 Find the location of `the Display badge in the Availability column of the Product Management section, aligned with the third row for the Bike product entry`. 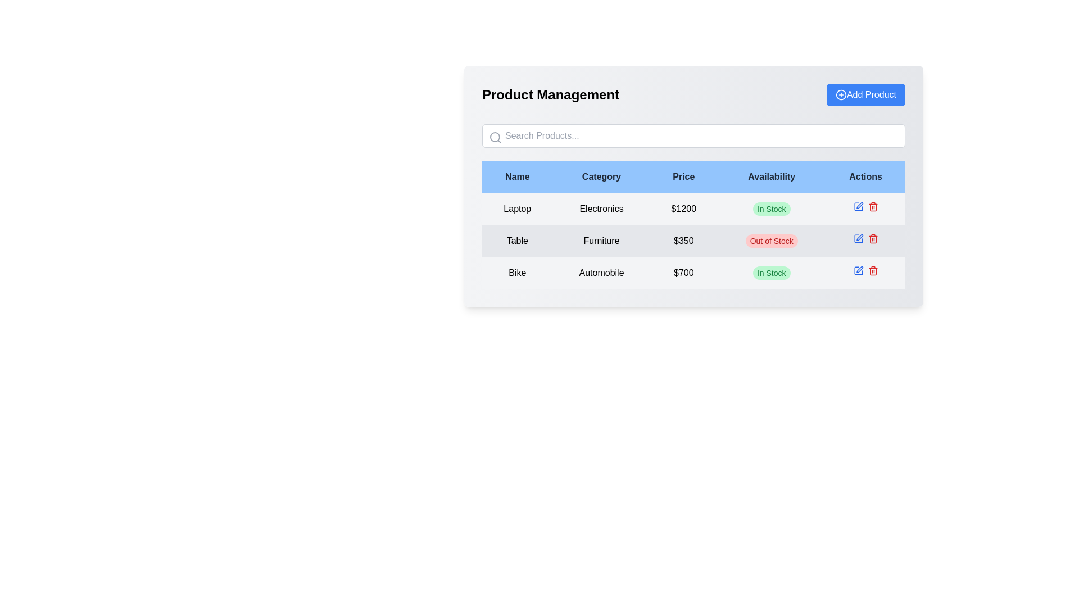

the Display badge in the Availability column of the Product Management section, aligned with the third row for the Bike product entry is located at coordinates (771, 273).